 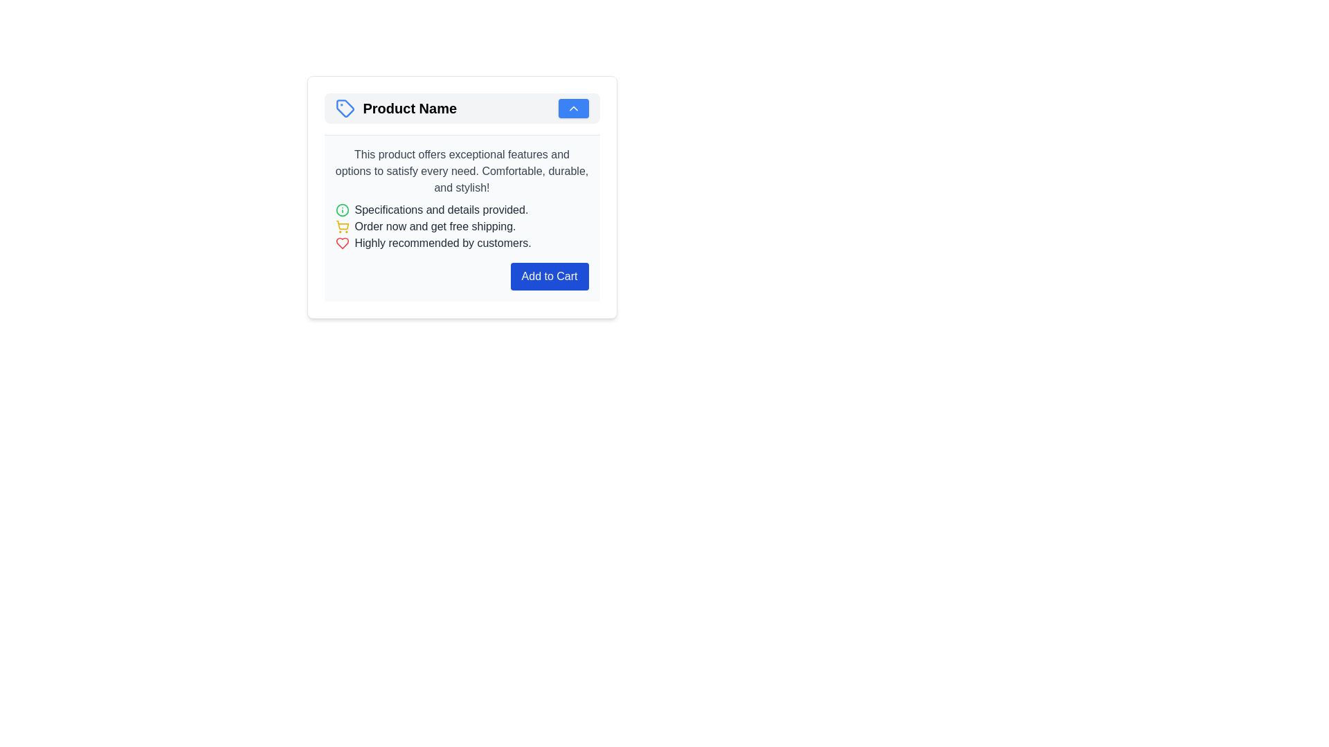 What do you see at coordinates (573, 108) in the screenshot?
I see `the upward-pointing chevron icon indicating an expandable section, located near the center of the blue 'Add to Cart' button` at bounding box center [573, 108].